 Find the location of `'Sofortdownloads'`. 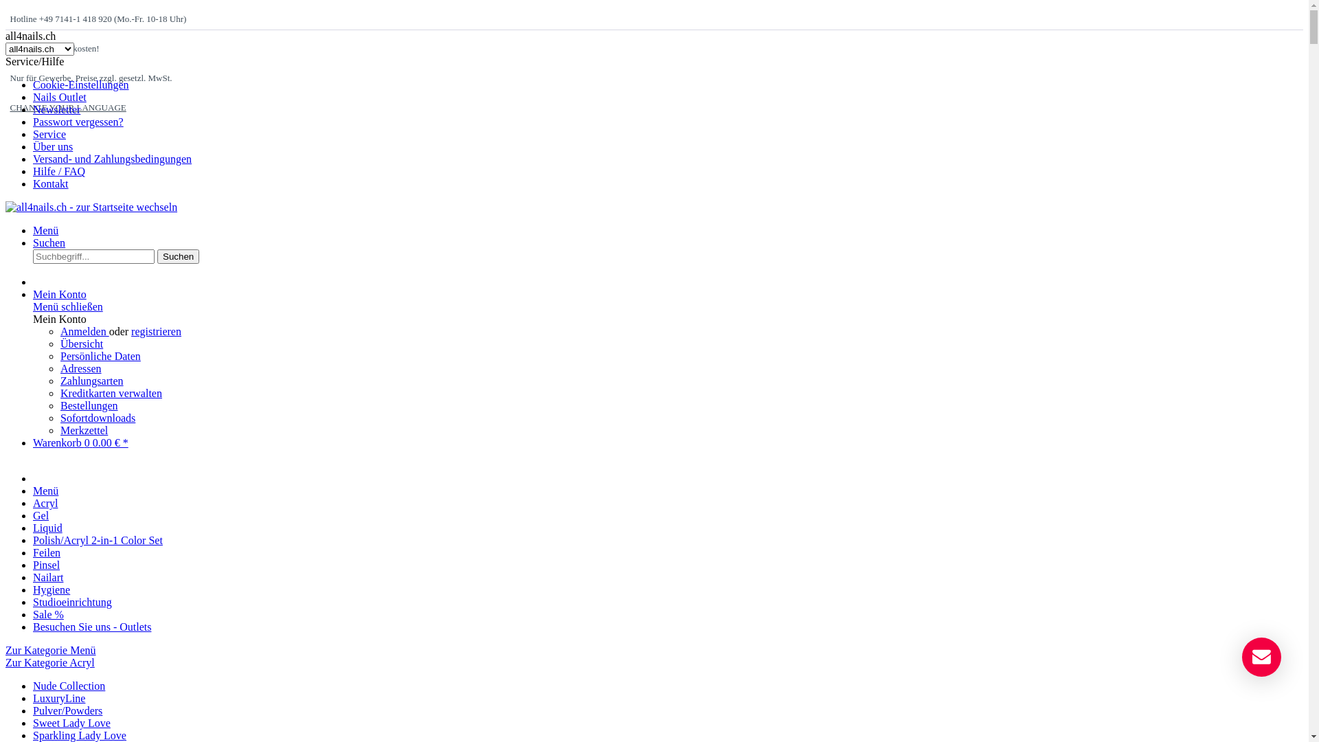

'Sofortdownloads' is located at coordinates (97, 417).